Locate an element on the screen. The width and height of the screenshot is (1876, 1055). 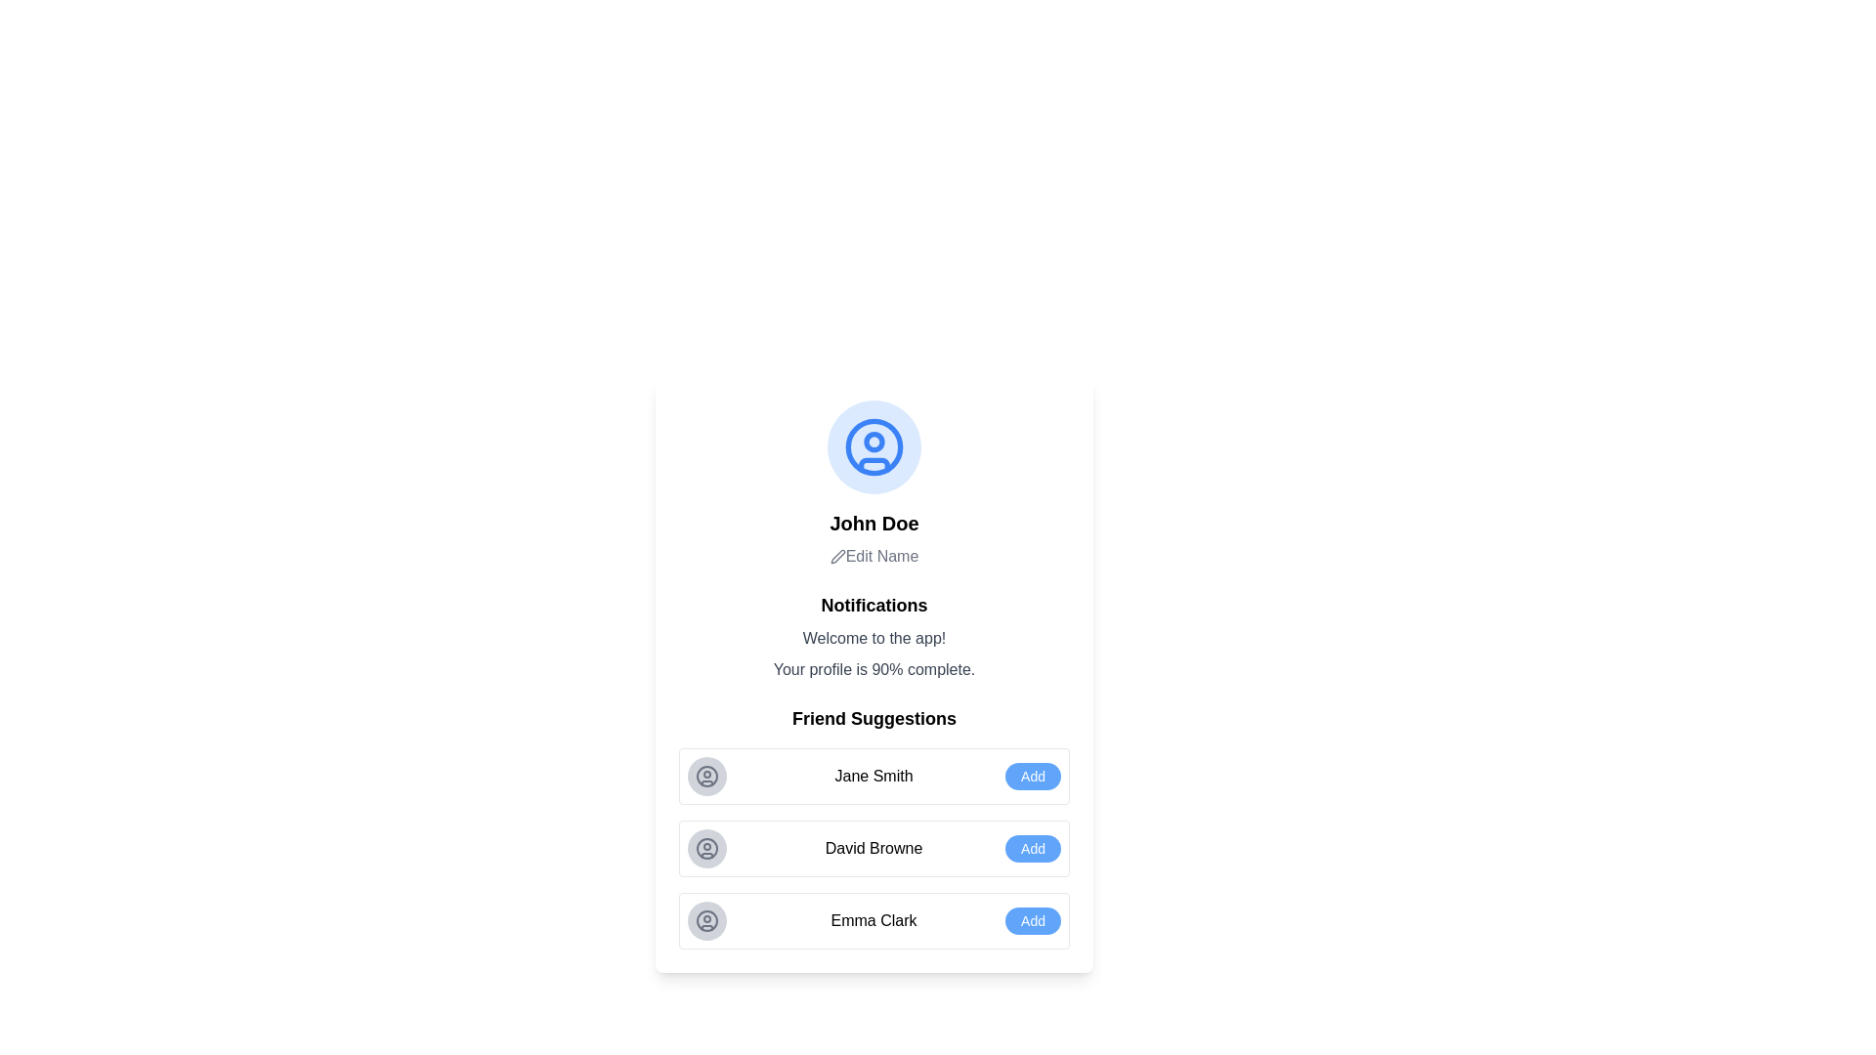
the SVG Circle that represents the user icon for 'Jane Smith' in the 'Friend Suggestions' section is located at coordinates (706, 775).